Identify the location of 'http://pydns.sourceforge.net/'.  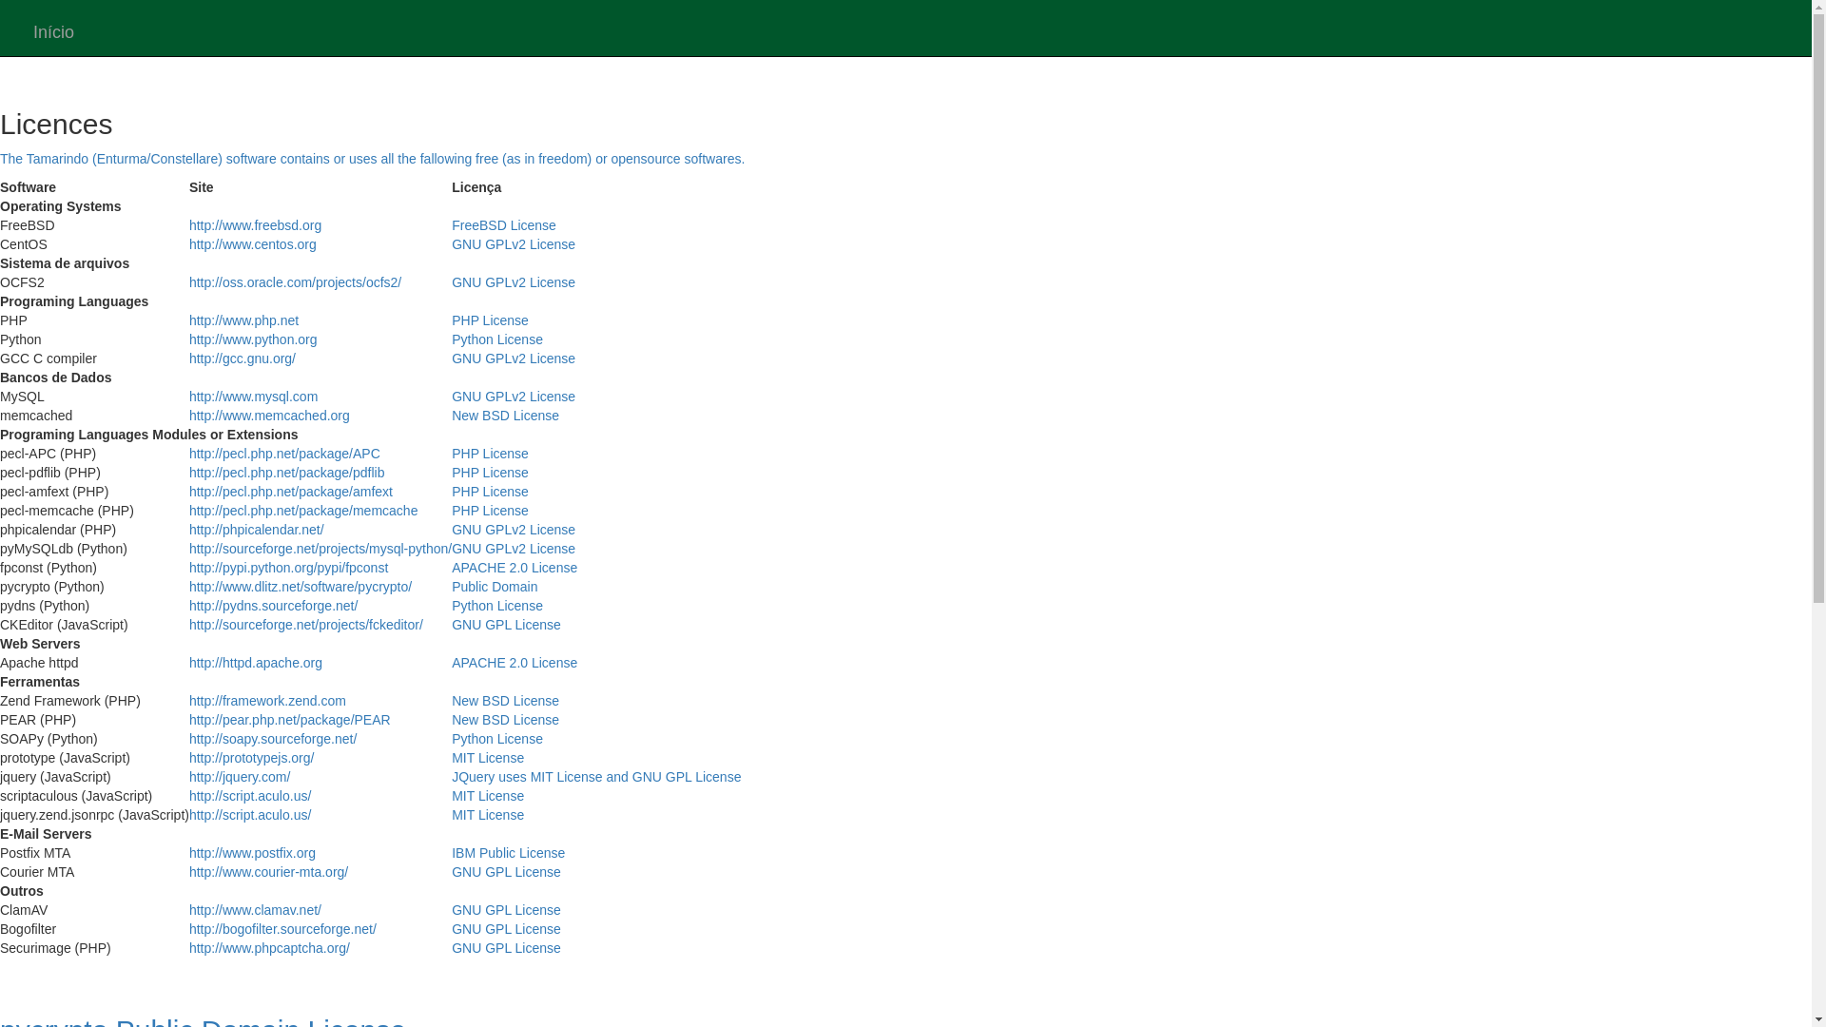
(272, 605).